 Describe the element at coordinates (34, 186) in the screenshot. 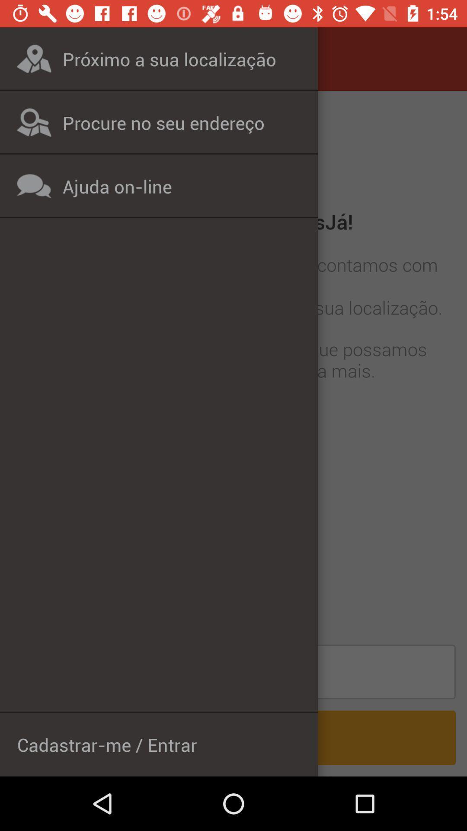

I see `the  messages image icon before ajuda online text` at that location.